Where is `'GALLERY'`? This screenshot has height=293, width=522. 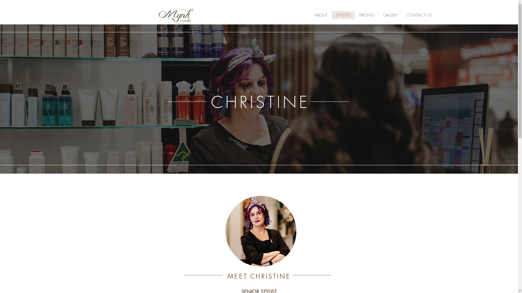
'GALLERY' is located at coordinates (390, 15).